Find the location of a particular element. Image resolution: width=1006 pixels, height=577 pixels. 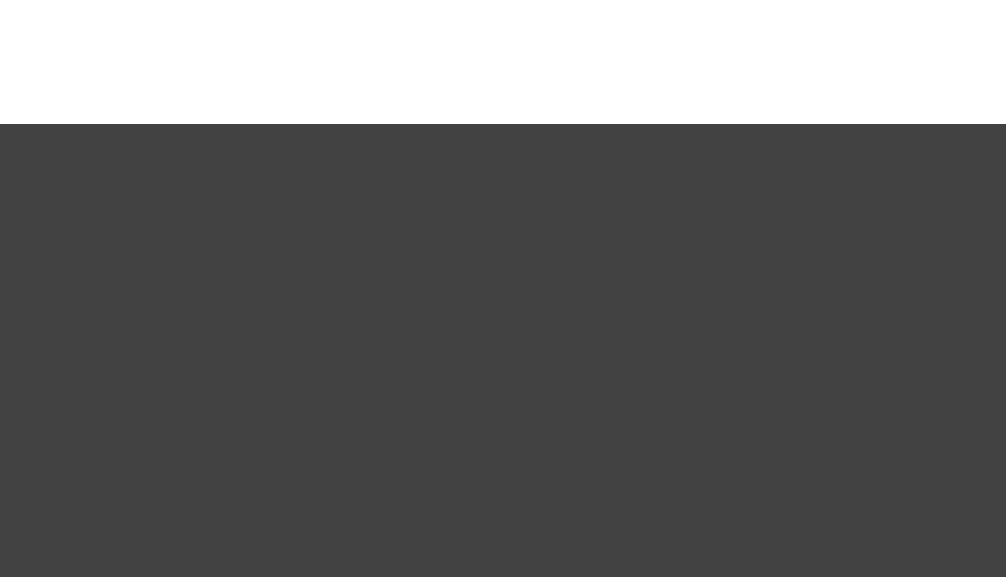

'CACI Jowl Lift' is located at coordinates (225, 501).